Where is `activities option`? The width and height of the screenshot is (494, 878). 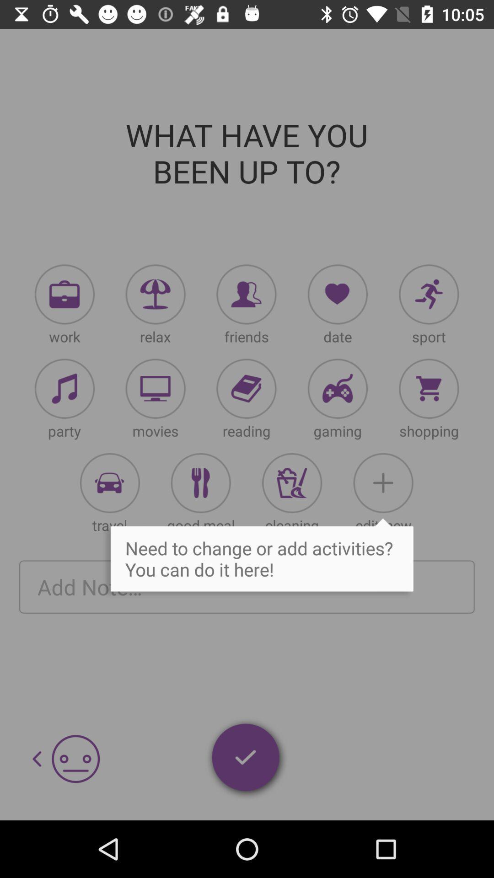 activities option is located at coordinates (292, 482).